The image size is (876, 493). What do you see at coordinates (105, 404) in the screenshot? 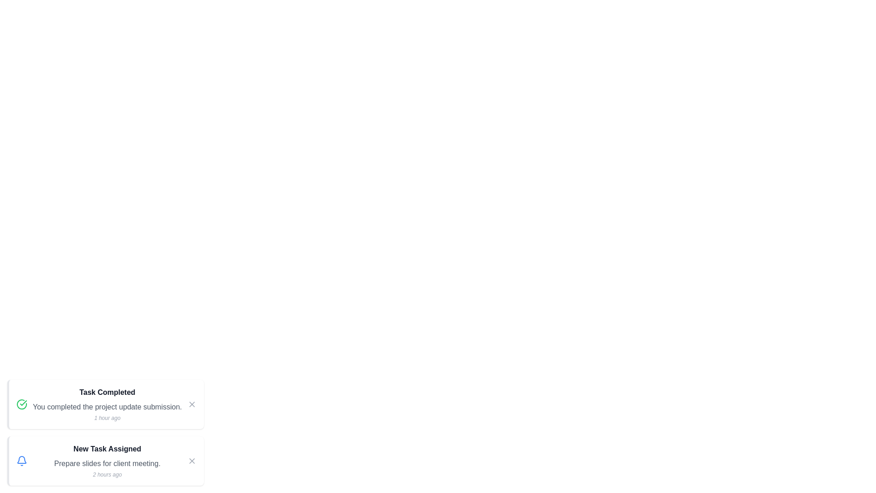
I see `the task notification to focus on its description` at bounding box center [105, 404].